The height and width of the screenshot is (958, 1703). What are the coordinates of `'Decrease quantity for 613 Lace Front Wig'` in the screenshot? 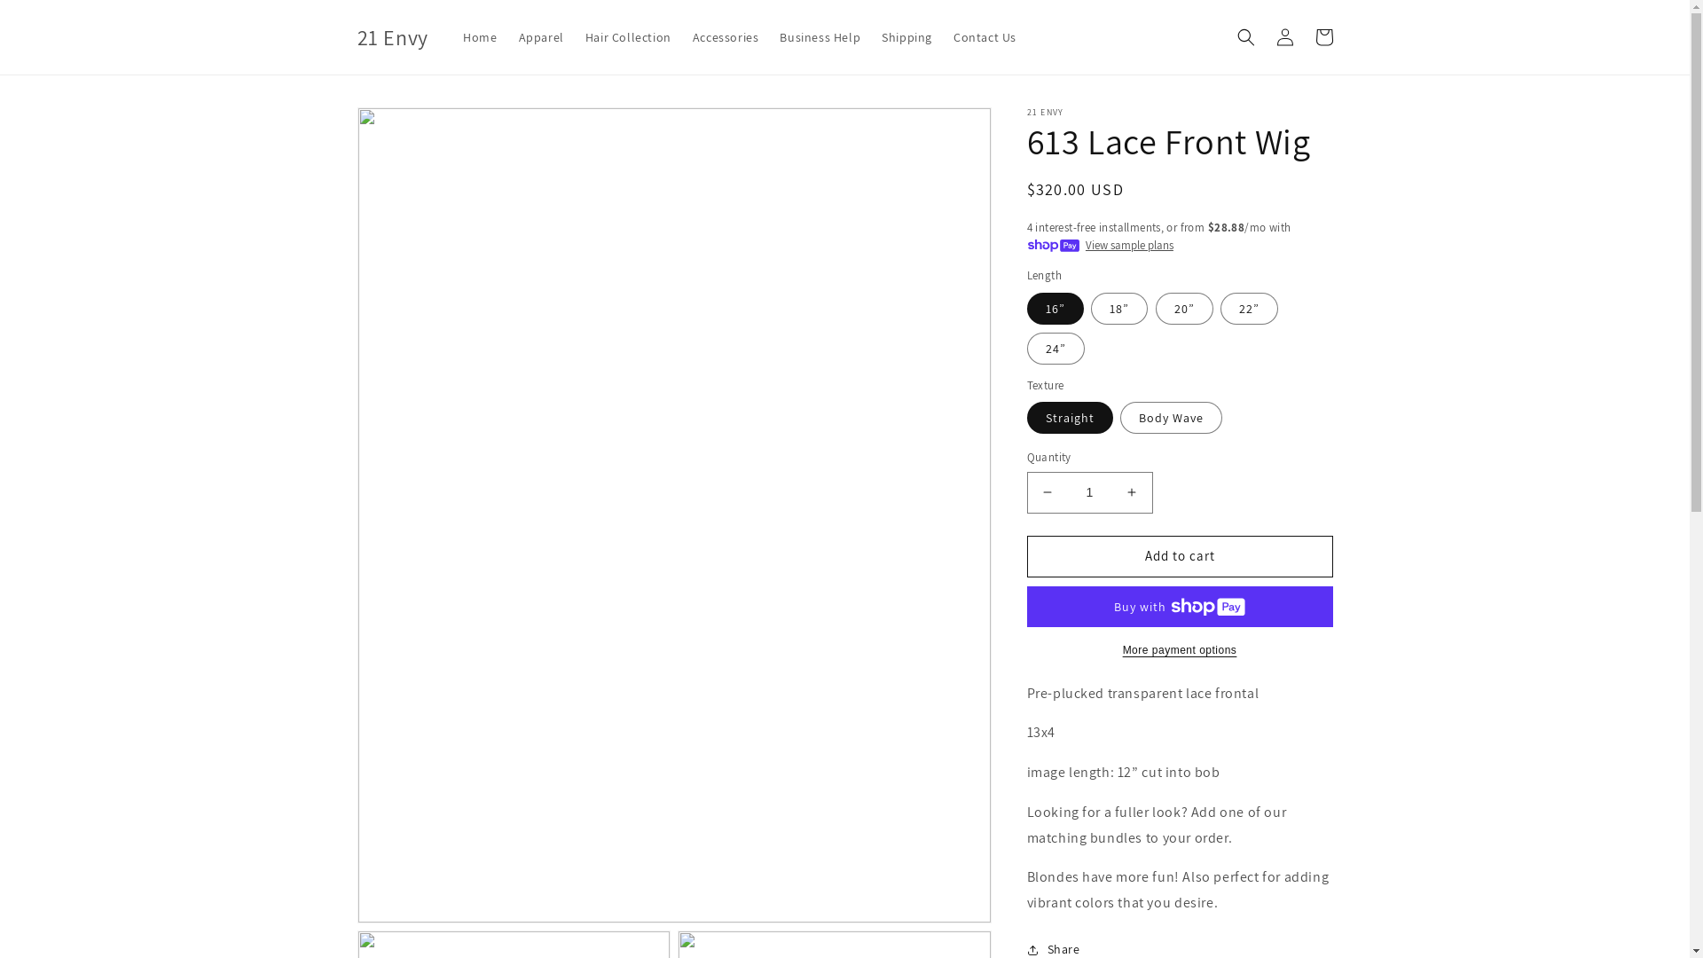 It's located at (1047, 492).